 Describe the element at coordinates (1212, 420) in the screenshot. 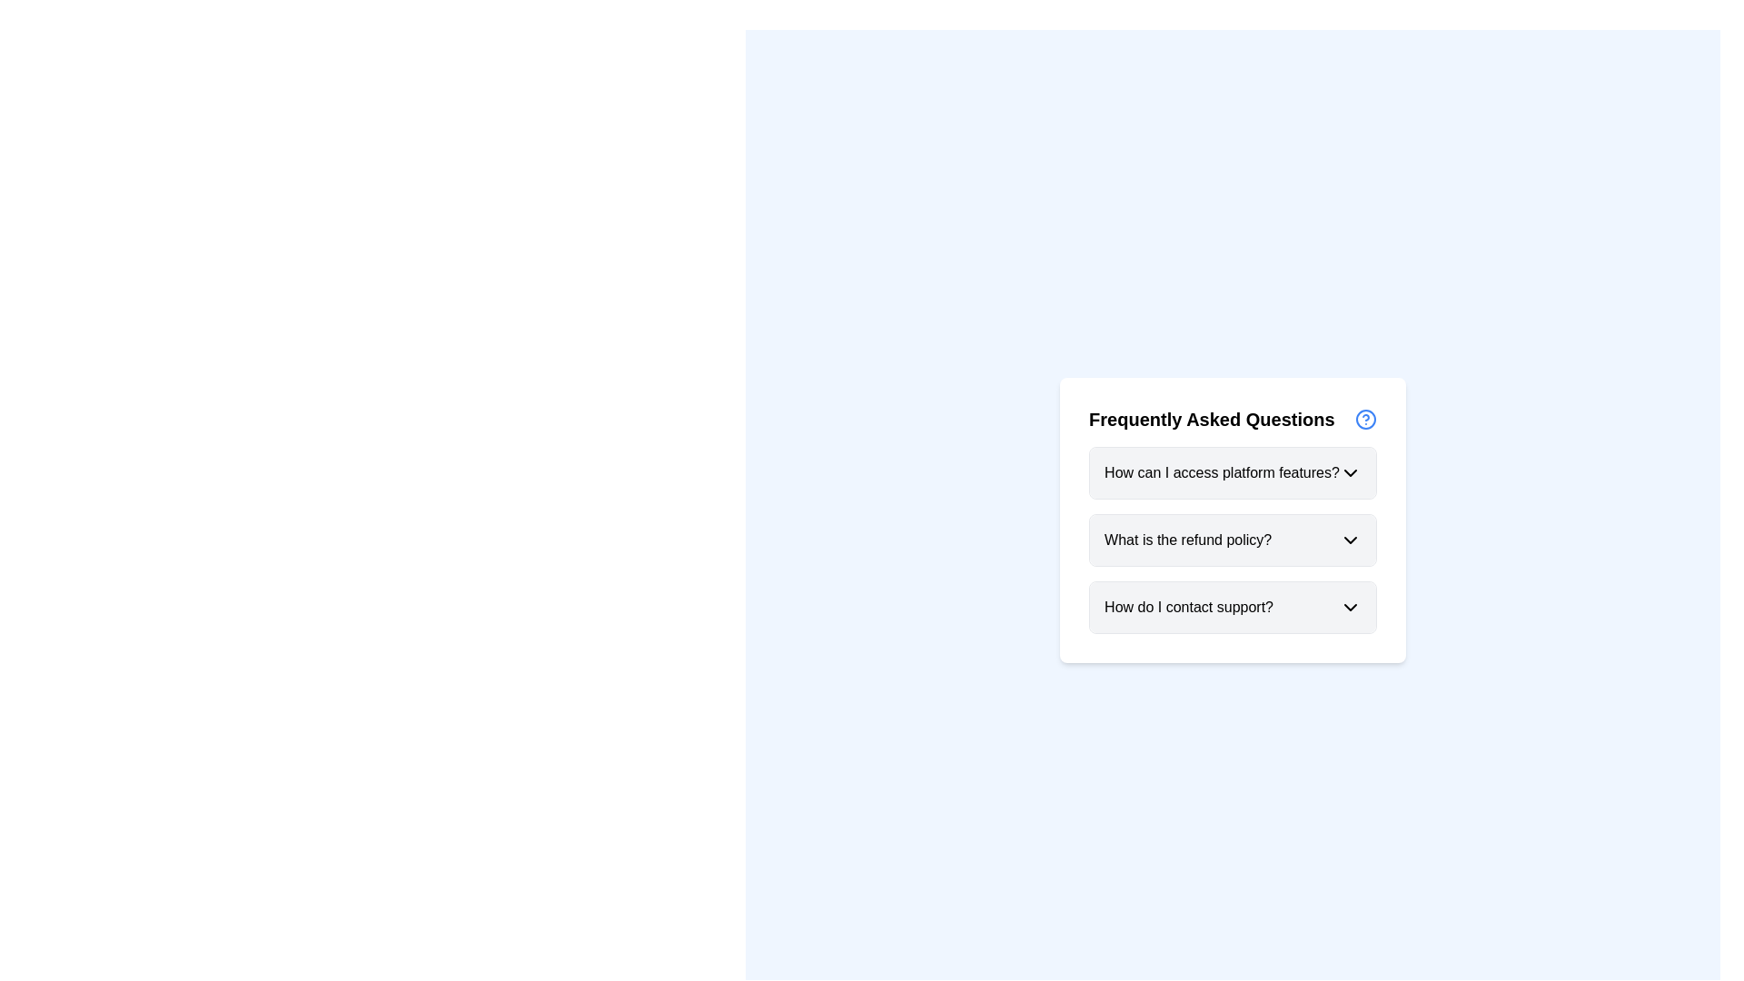

I see `the header text or title label for the Frequently Asked Questions section, which is located at the top of the panel above the collapsible question entries` at that location.